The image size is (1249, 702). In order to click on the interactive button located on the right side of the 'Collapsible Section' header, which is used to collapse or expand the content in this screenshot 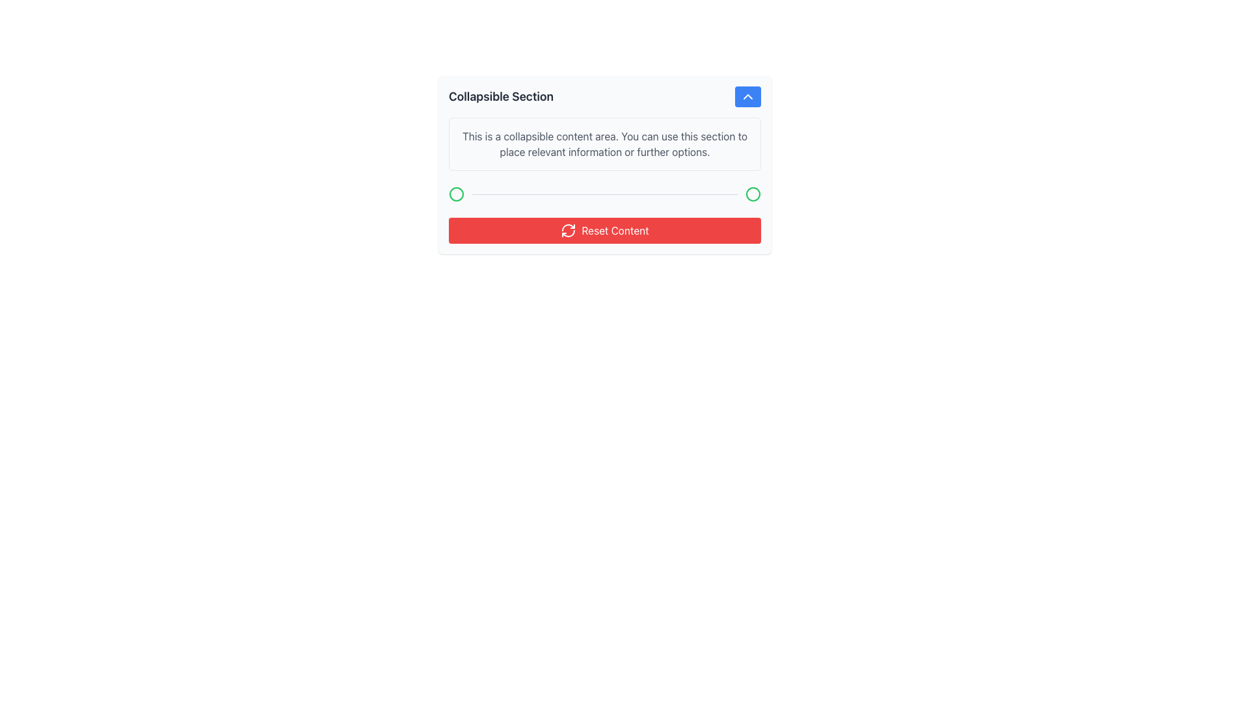, I will do `click(748, 96)`.